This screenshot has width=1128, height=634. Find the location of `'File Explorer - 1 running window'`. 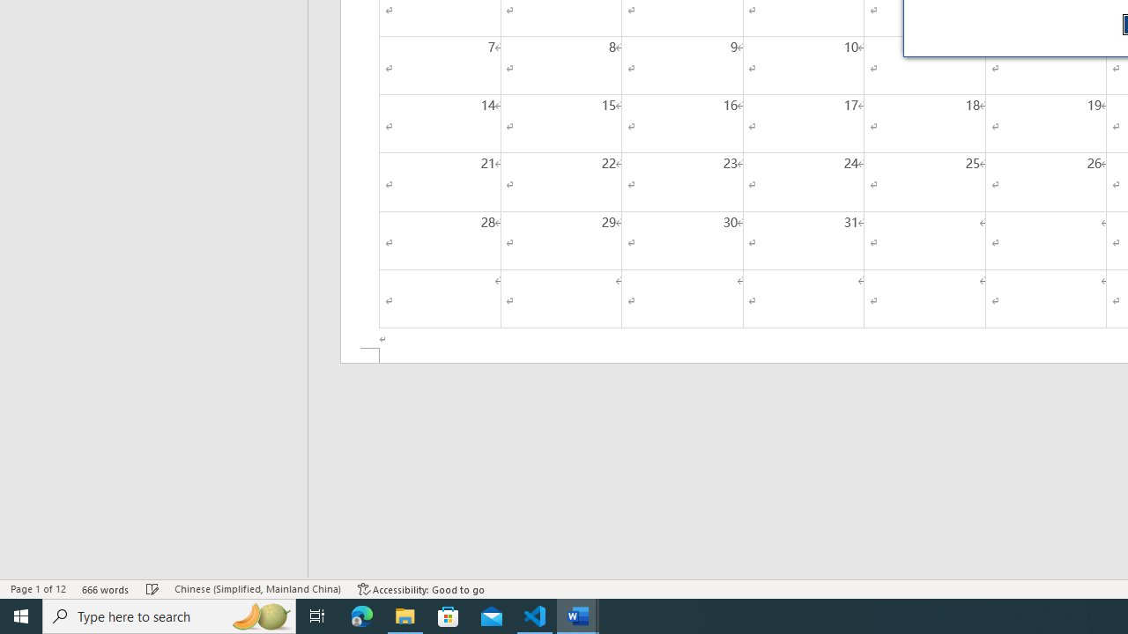

'File Explorer - 1 running window' is located at coordinates (404, 615).